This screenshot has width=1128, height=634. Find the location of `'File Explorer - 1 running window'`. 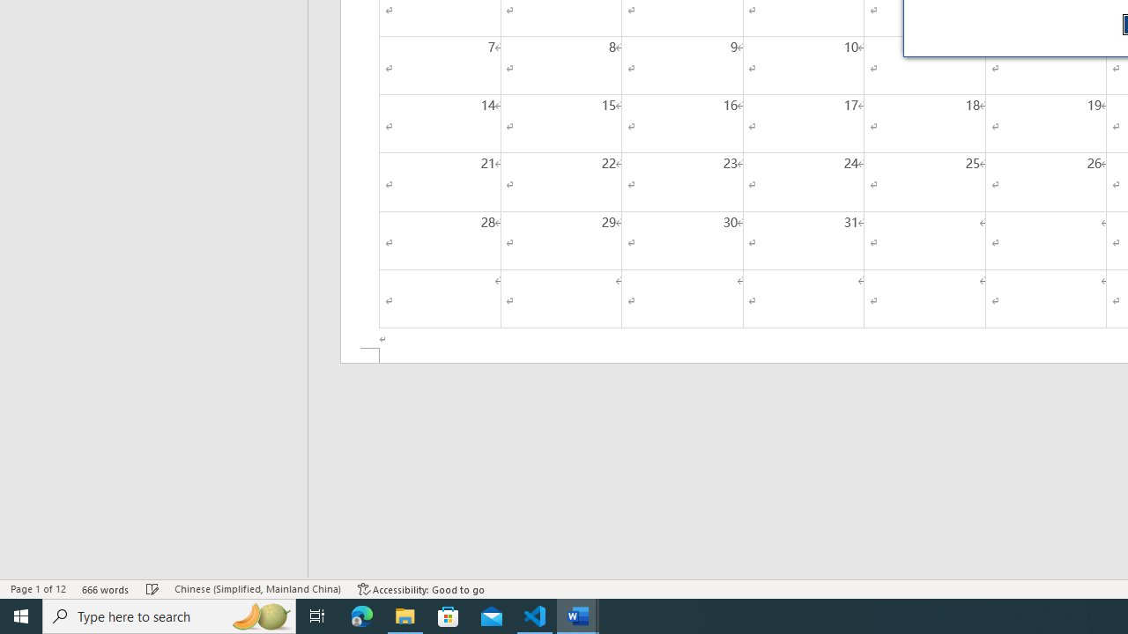

'File Explorer - 1 running window' is located at coordinates (404, 615).